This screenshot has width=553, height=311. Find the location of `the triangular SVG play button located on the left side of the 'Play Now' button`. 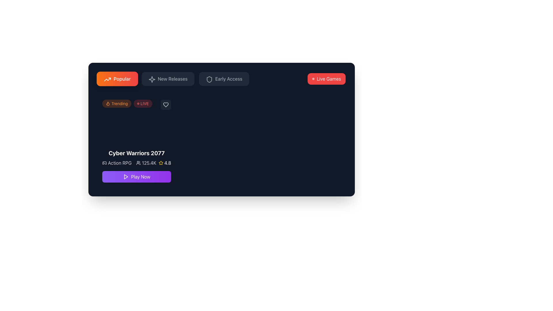

the triangular SVG play button located on the left side of the 'Play Now' button is located at coordinates (125, 176).